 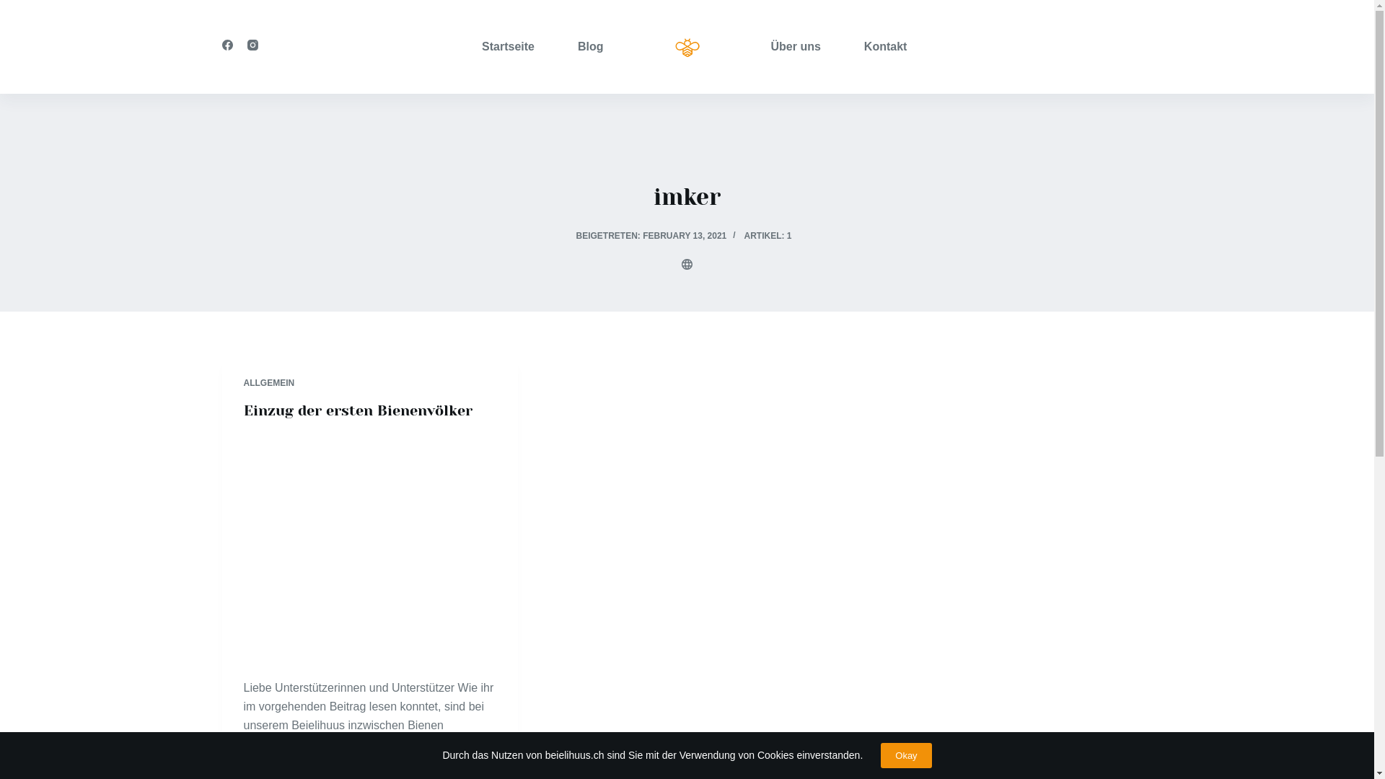 I want to click on 'ALLGEMEIN', so click(x=269, y=382).